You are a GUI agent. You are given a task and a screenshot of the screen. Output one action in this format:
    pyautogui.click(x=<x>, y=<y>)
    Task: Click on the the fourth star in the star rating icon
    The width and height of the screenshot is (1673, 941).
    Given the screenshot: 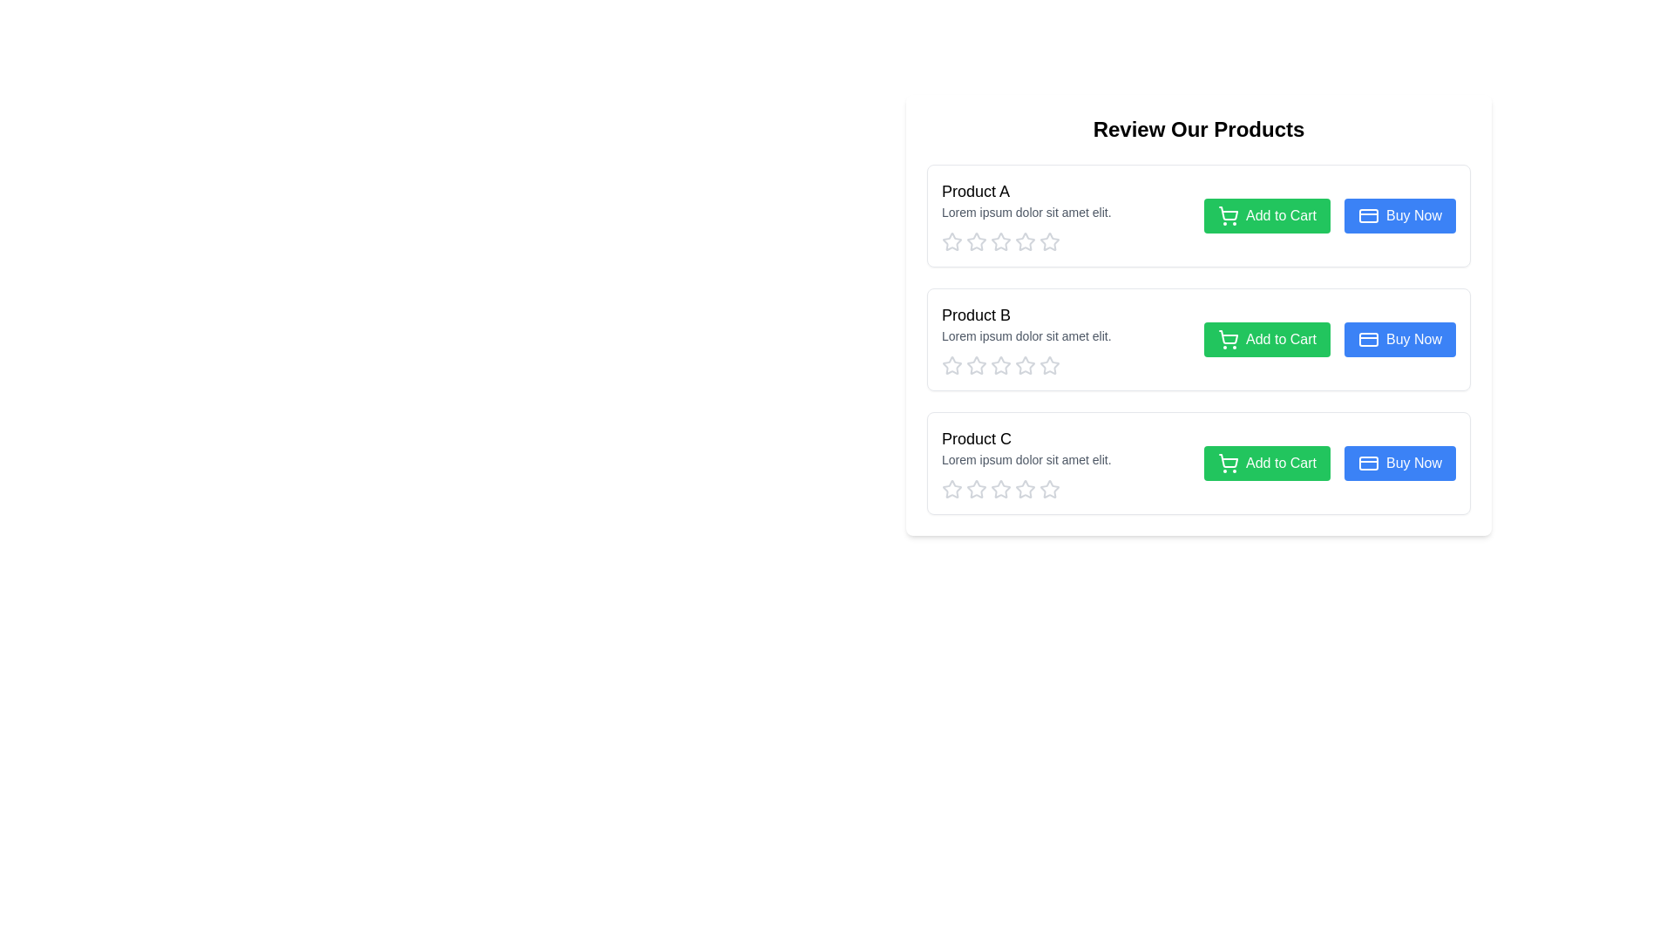 What is the action you would take?
    pyautogui.click(x=1000, y=241)
    